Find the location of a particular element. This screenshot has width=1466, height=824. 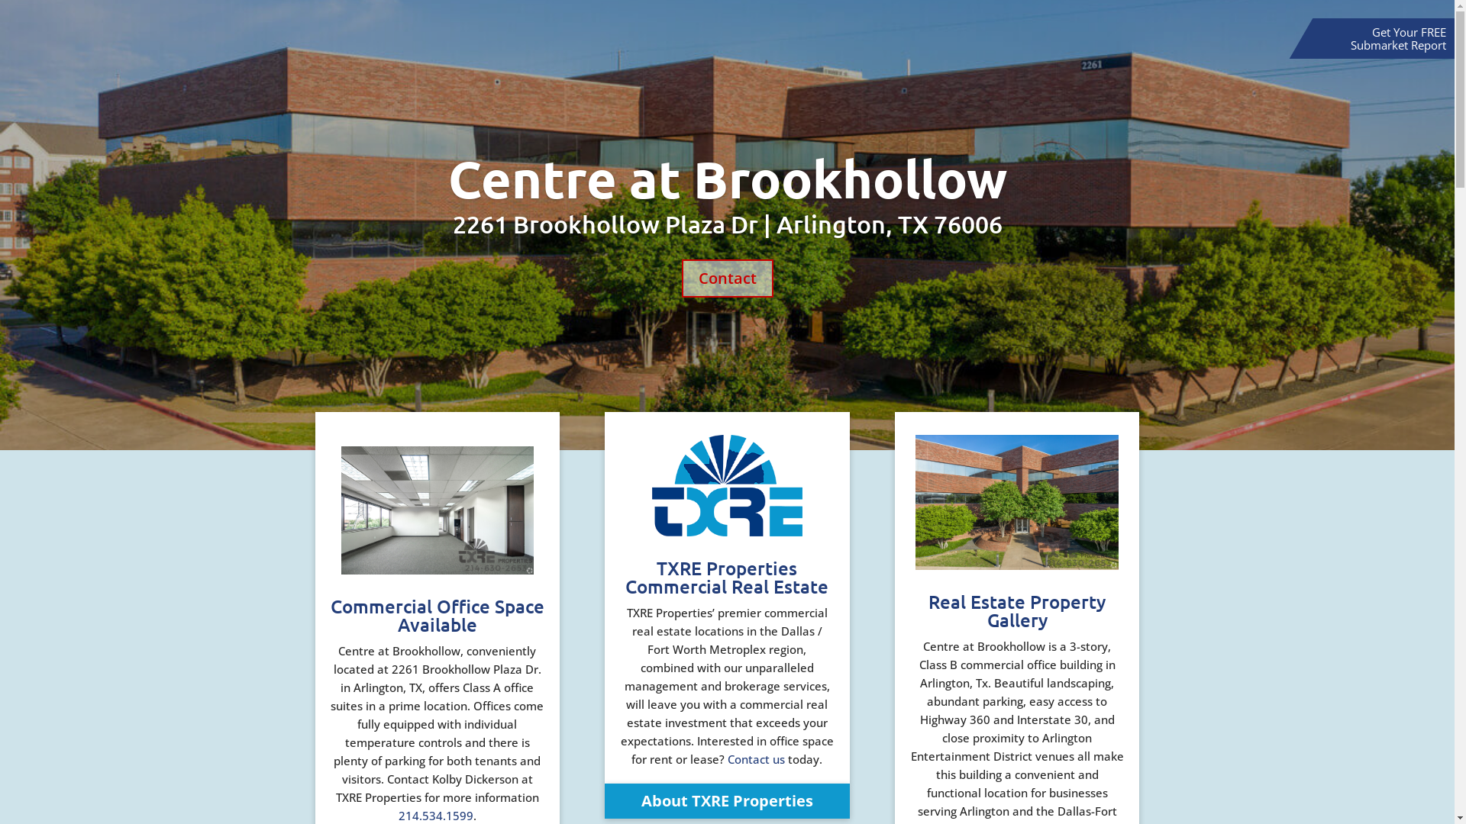

'Contact' is located at coordinates (725, 278).